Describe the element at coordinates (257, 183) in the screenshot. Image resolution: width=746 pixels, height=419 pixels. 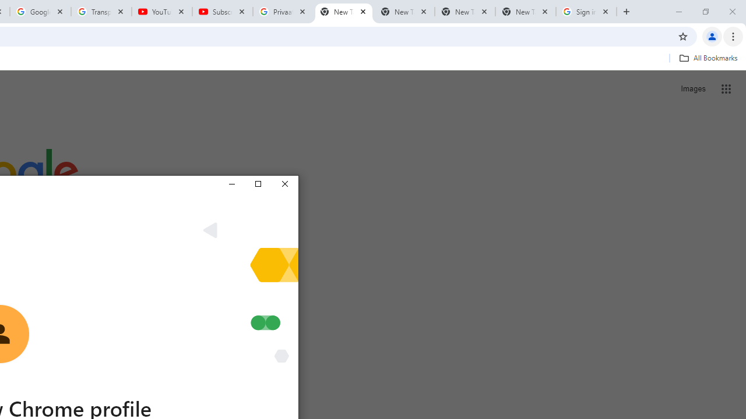
I see `'Maximize'` at that location.